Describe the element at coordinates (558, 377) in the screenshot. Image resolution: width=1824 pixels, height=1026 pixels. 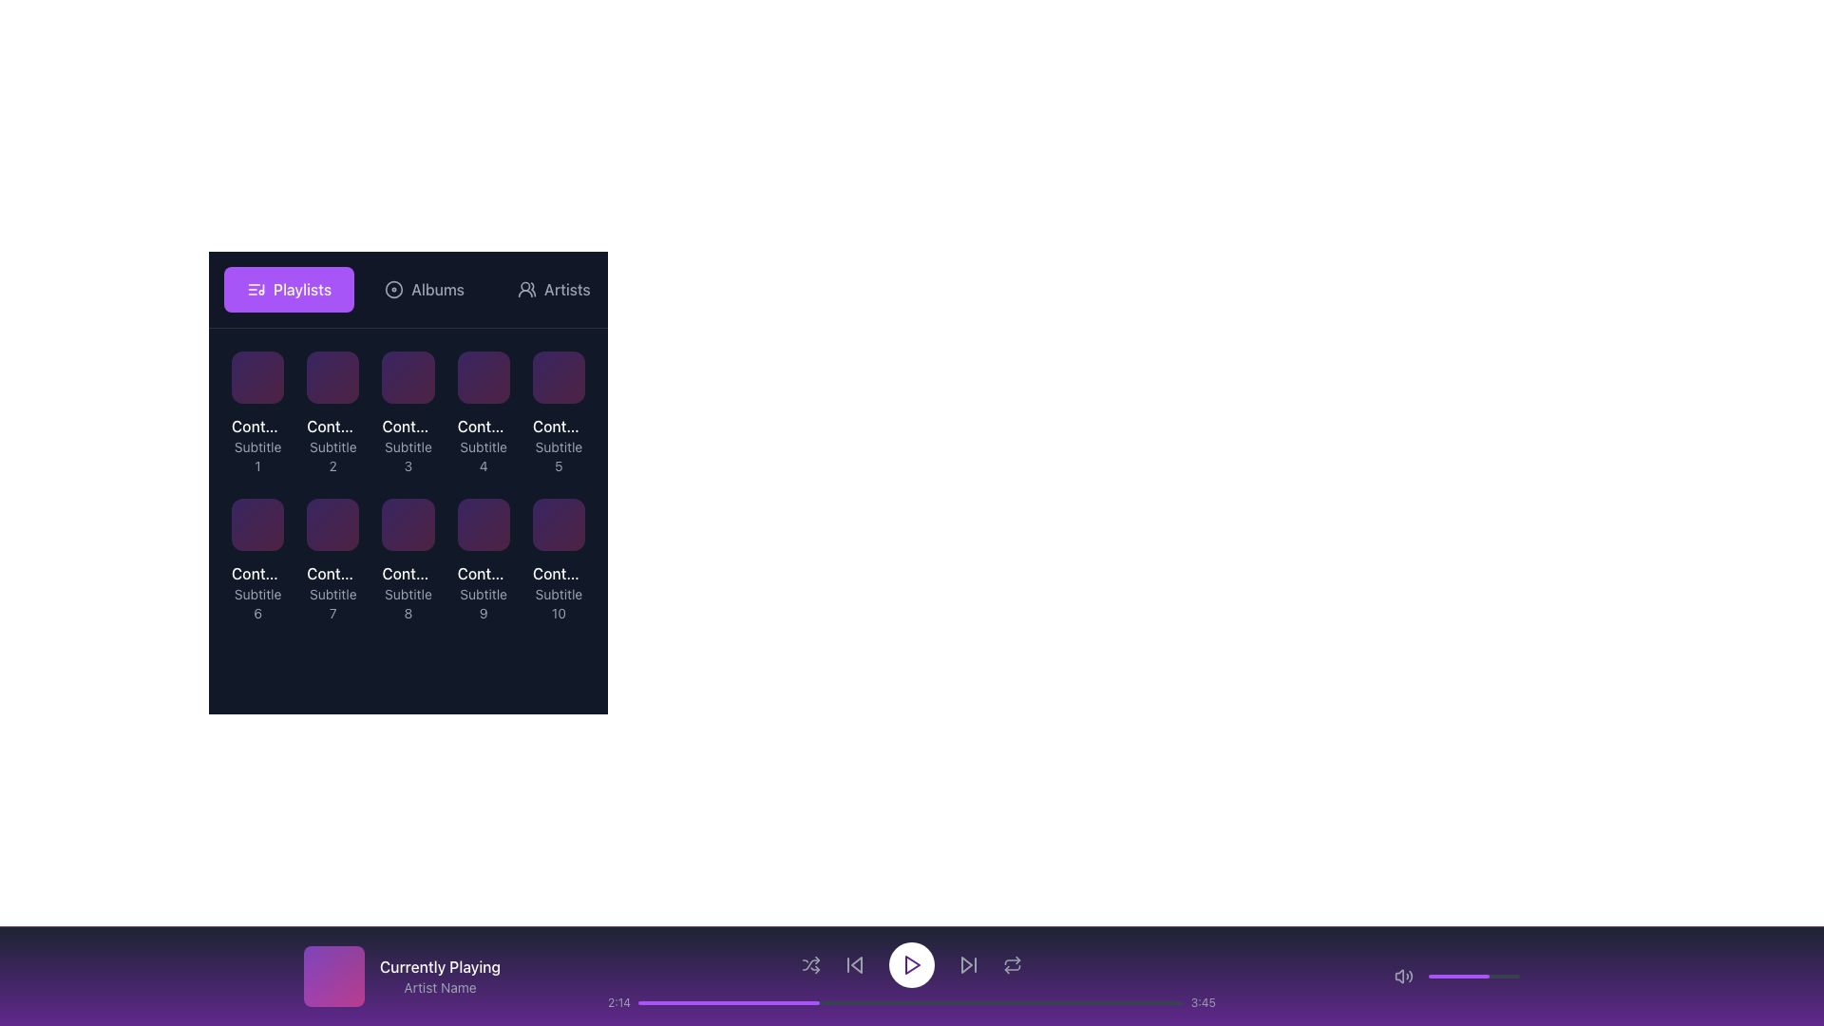
I see `the first item in the second row of the grid layout, which is a square-shaped card with rounded corners and a gradient background transitioning from purple to pink` at that location.